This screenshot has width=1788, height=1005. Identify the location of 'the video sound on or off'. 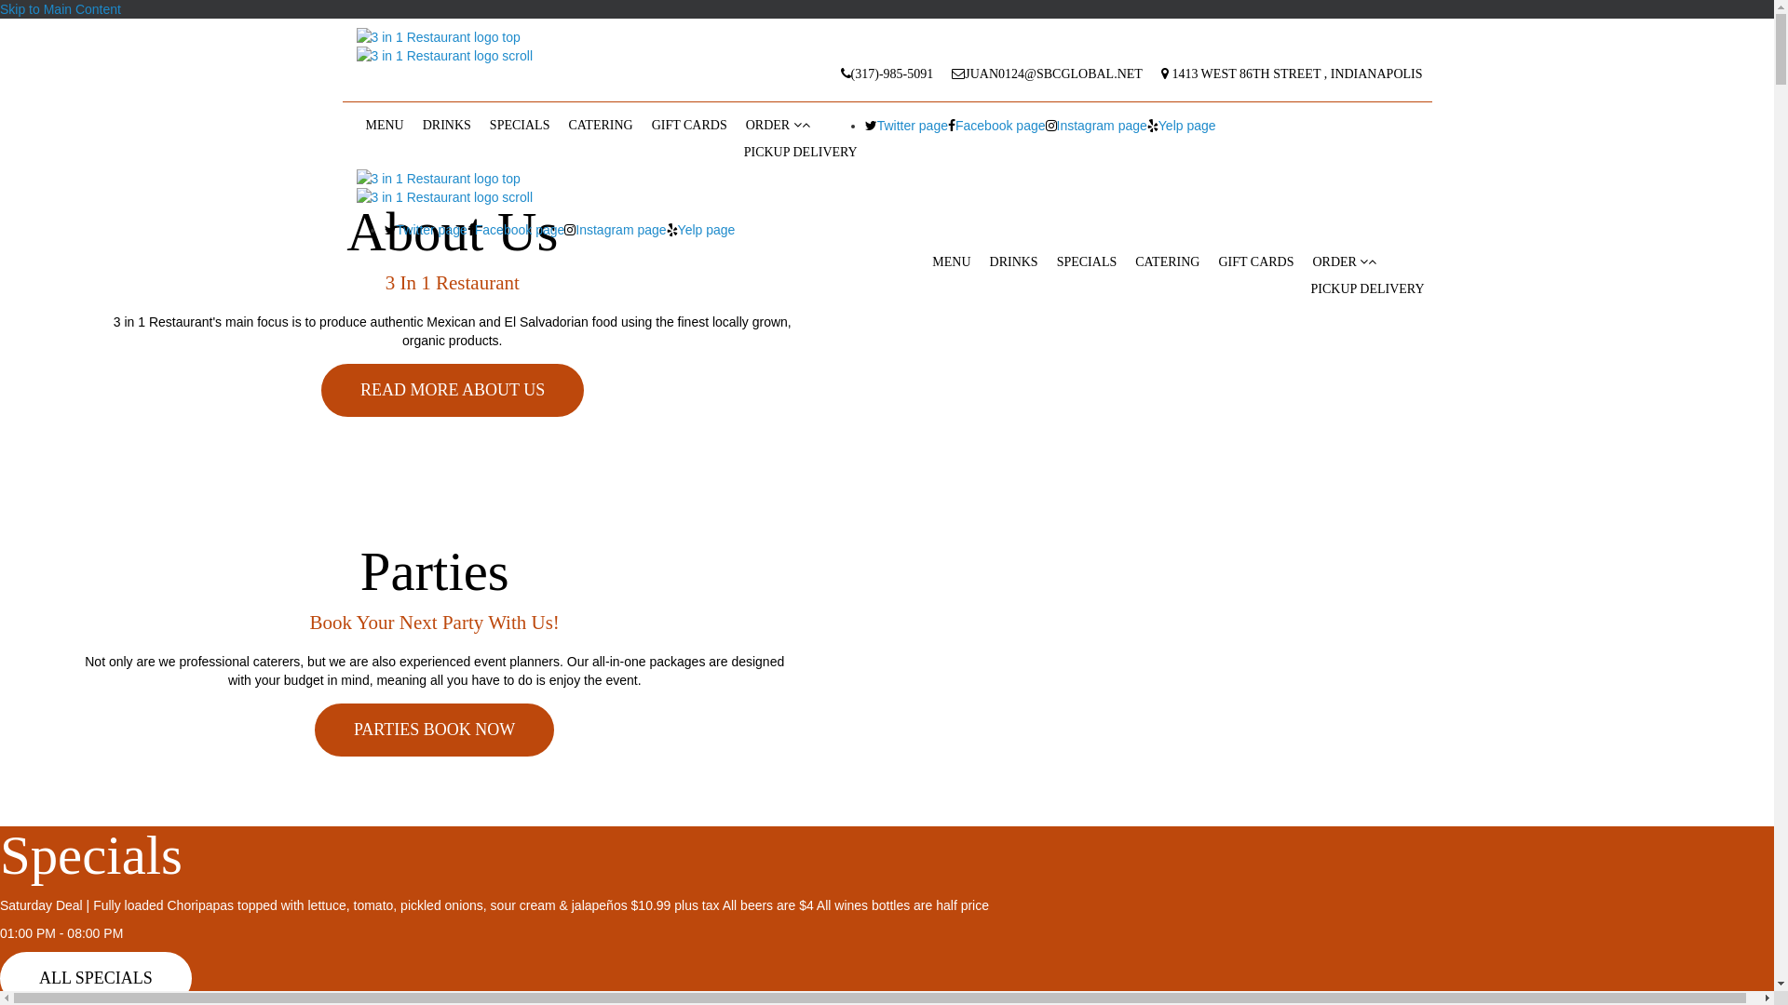
(87, 11).